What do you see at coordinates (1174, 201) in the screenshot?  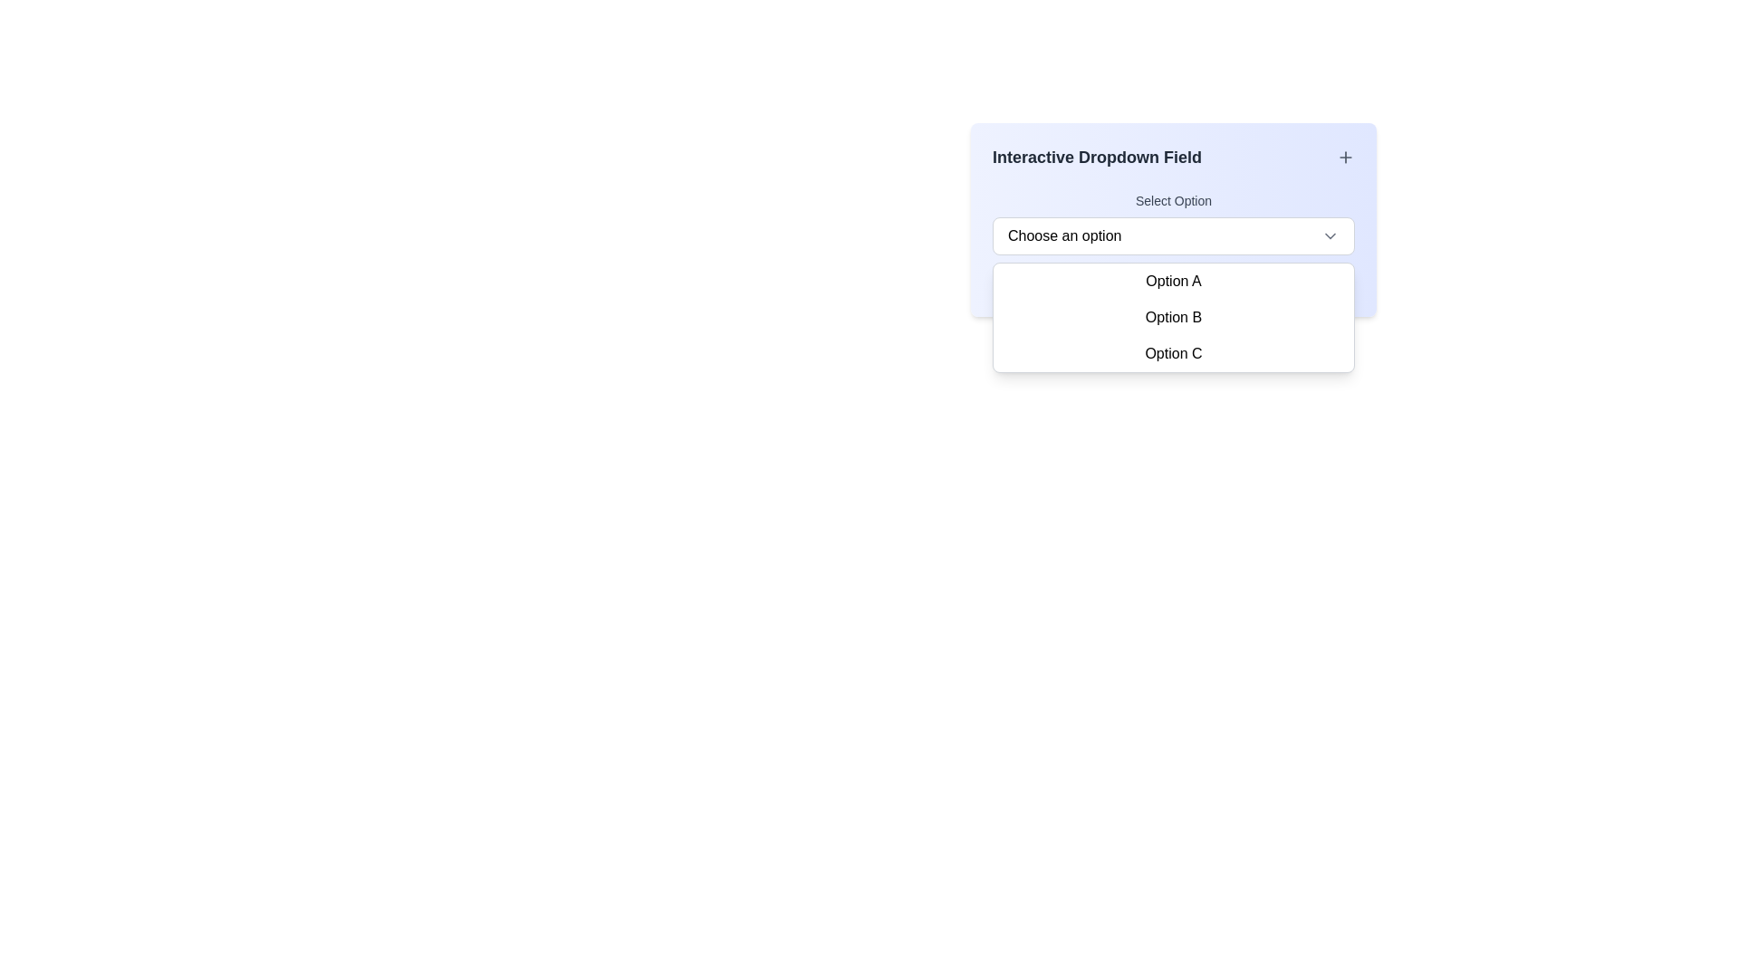 I see `the 'Select Option' text label, which is styled in gray and positioned above the dropdown menu` at bounding box center [1174, 201].